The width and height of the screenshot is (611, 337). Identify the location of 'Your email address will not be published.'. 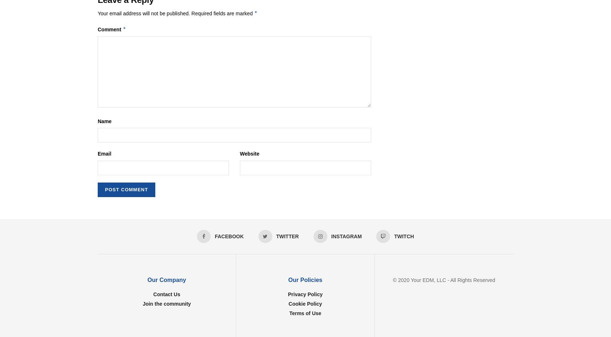
(143, 13).